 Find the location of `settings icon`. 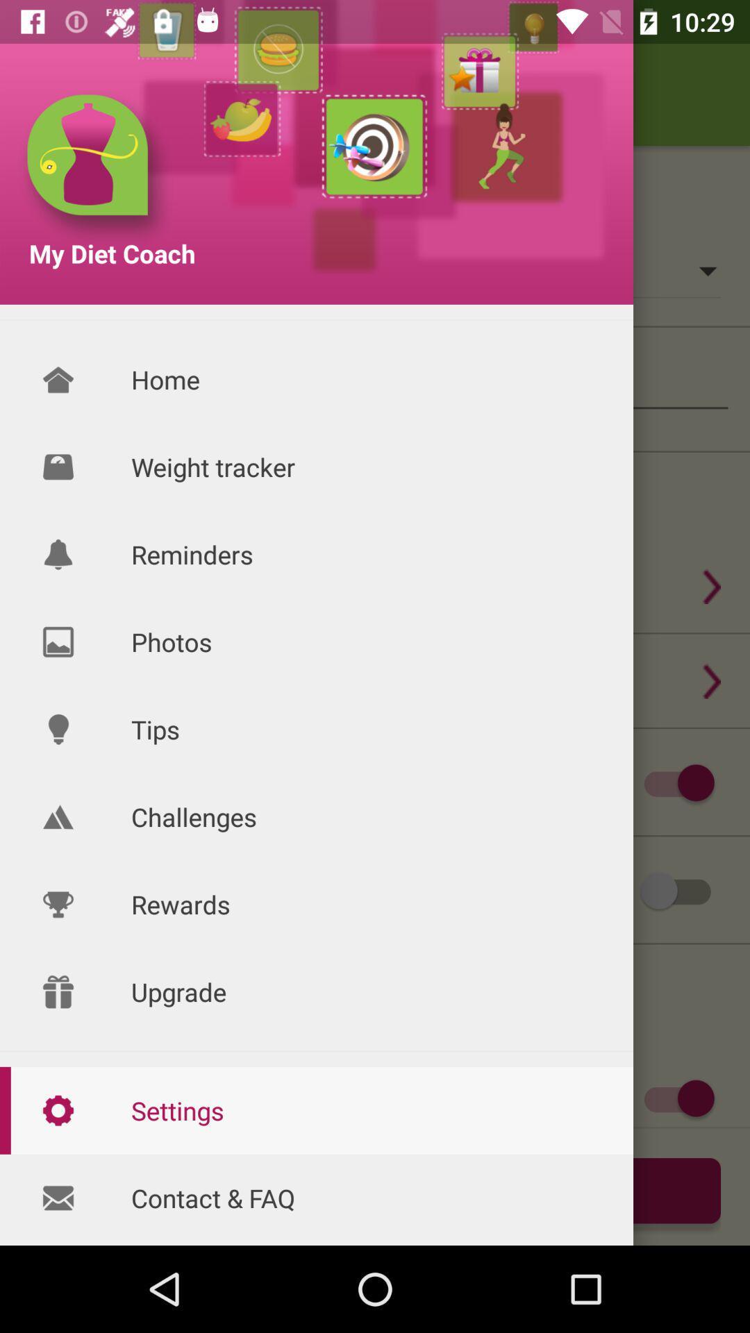

settings icon is located at coordinates (58, 1109).